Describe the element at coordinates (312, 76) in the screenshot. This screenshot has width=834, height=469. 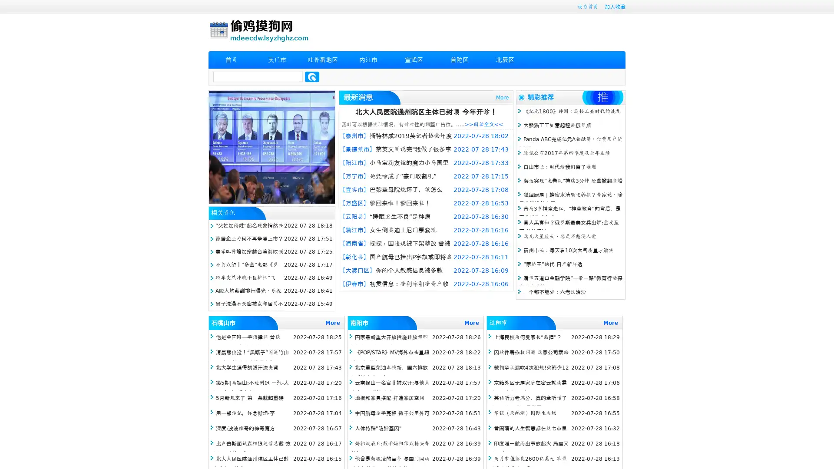
I see `Search` at that location.